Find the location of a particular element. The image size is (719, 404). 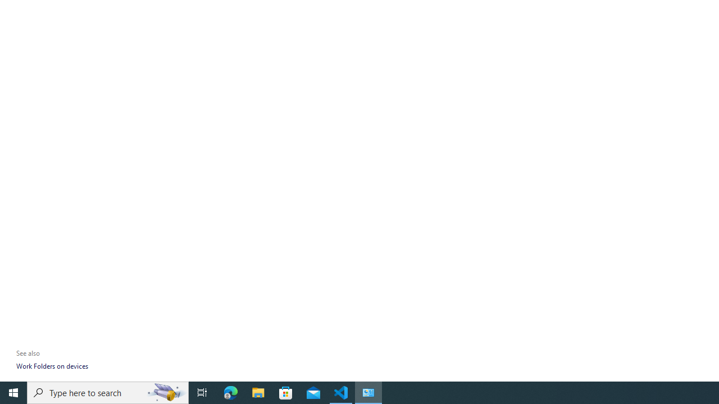

'Control Panel - 1 running window' is located at coordinates (368, 392).